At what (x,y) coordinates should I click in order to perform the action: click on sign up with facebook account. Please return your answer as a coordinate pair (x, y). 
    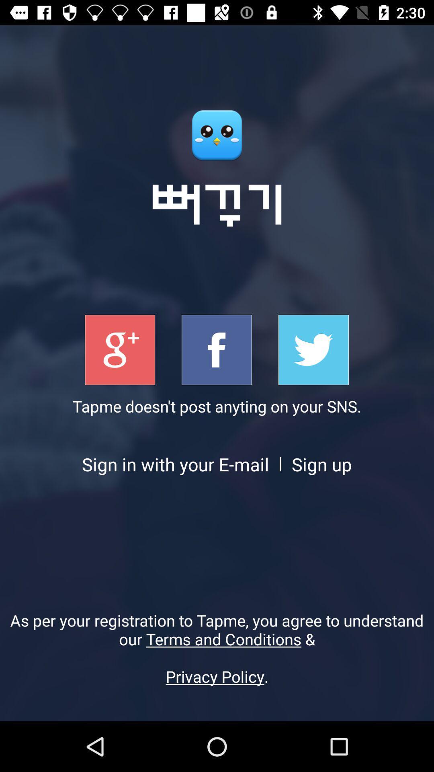
    Looking at the image, I should click on (216, 350).